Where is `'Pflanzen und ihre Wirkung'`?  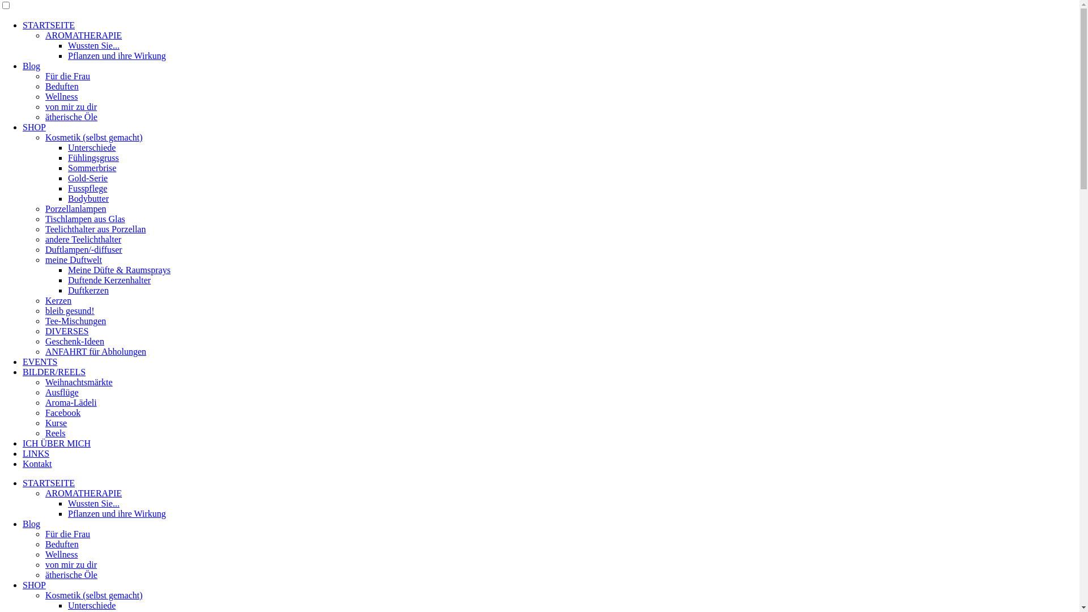
'Pflanzen und ihre Wirkung' is located at coordinates (117, 513).